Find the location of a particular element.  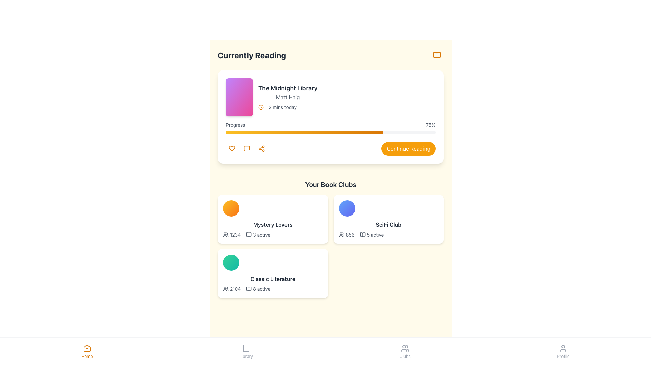

the text label displaying '75%' which indicates the reading progress in a card component under the 'Currently Reading' header is located at coordinates (430, 125).